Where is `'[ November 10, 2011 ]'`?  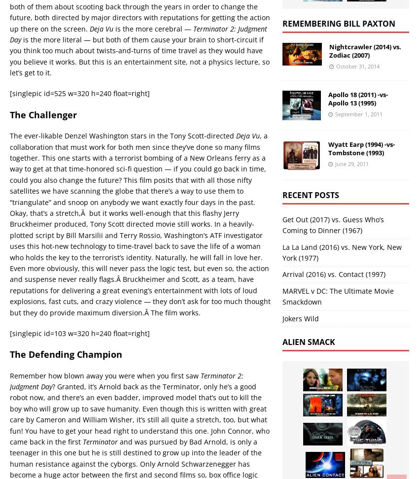 '[ November 10, 2011 ]' is located at coordinates (110, 51).